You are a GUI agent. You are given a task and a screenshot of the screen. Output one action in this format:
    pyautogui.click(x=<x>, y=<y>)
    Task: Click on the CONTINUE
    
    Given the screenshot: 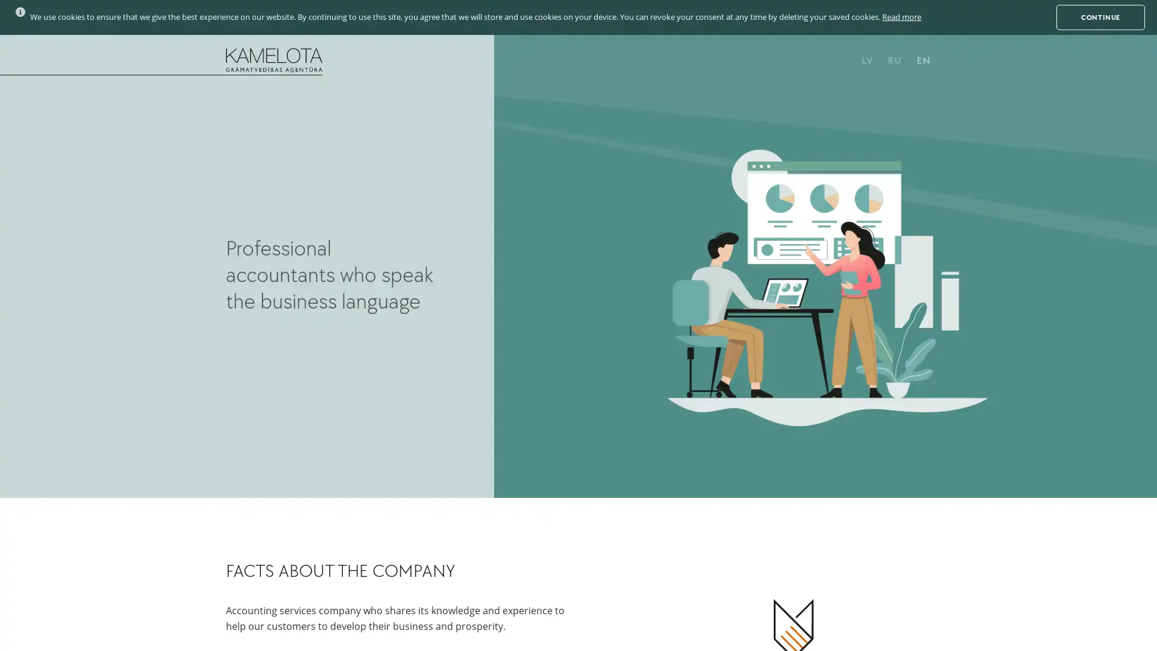 What is the action you would take?
    pyautogui.click(x=1100, y=17)
    